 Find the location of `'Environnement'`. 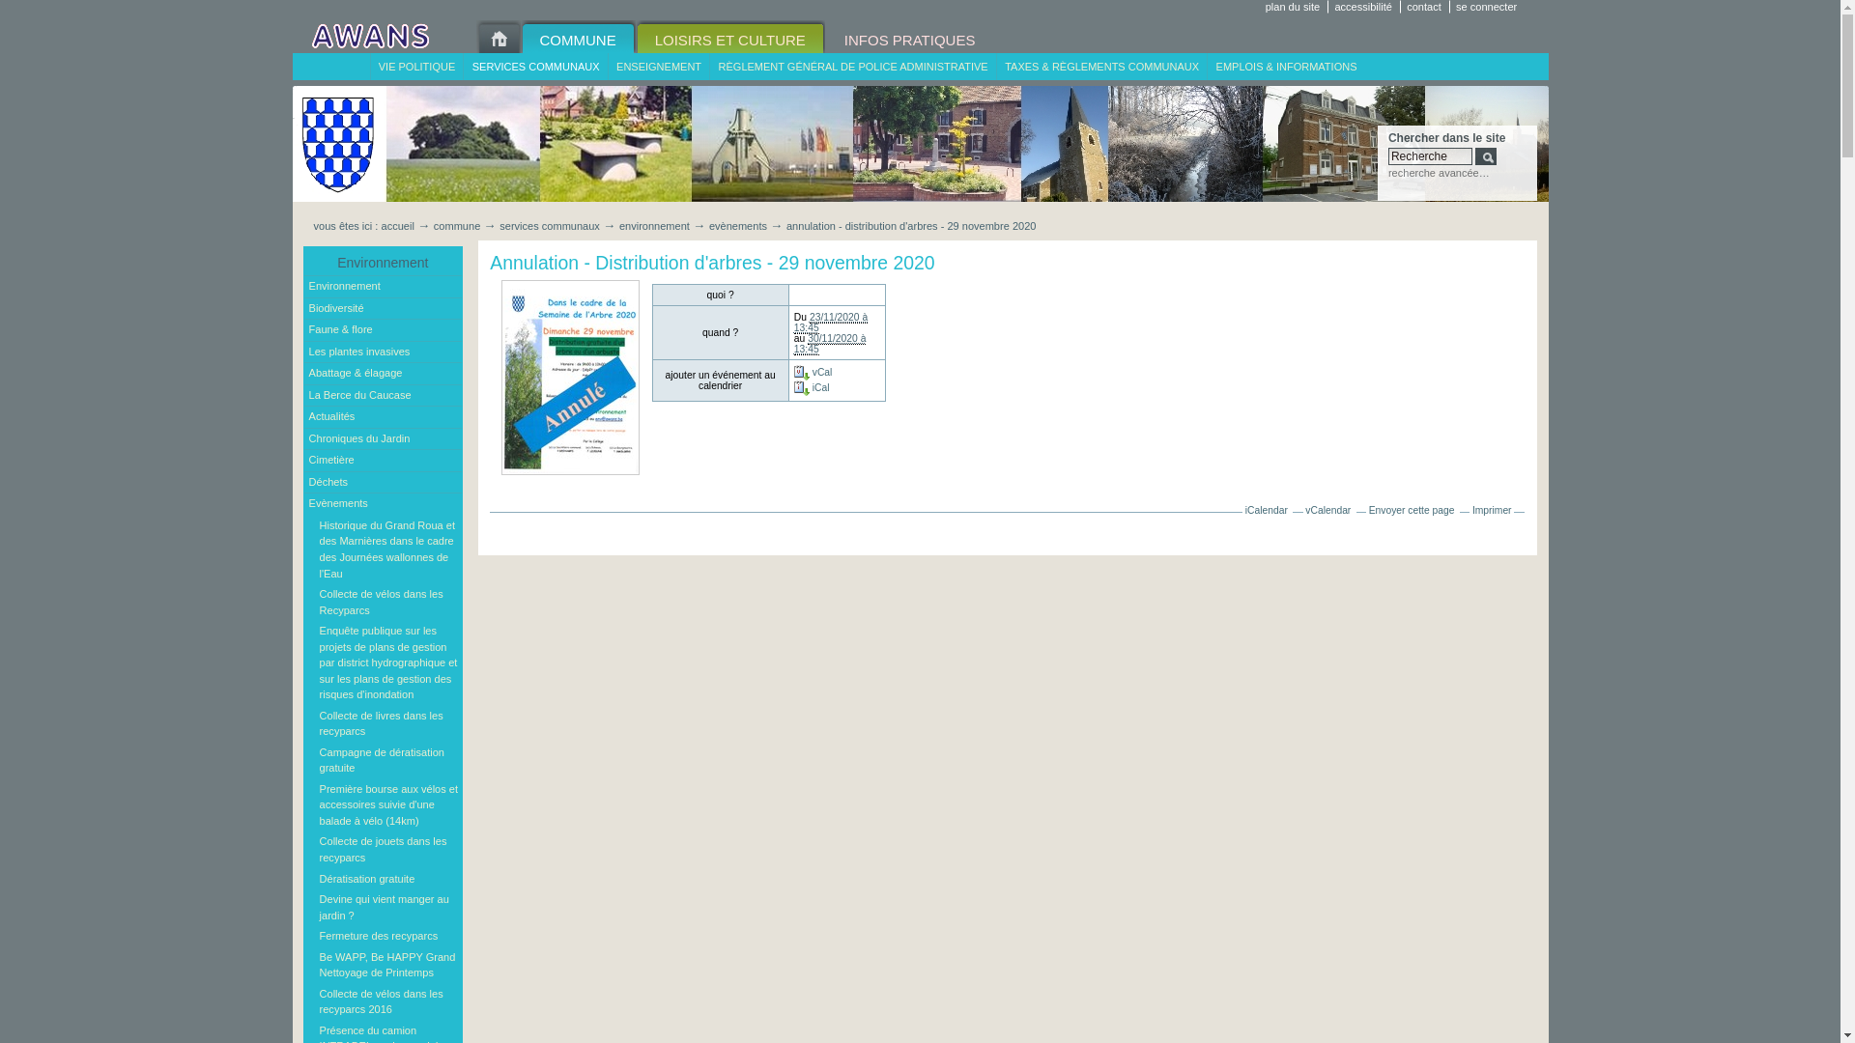

'Environnement' is located at coordinates (303, 263).